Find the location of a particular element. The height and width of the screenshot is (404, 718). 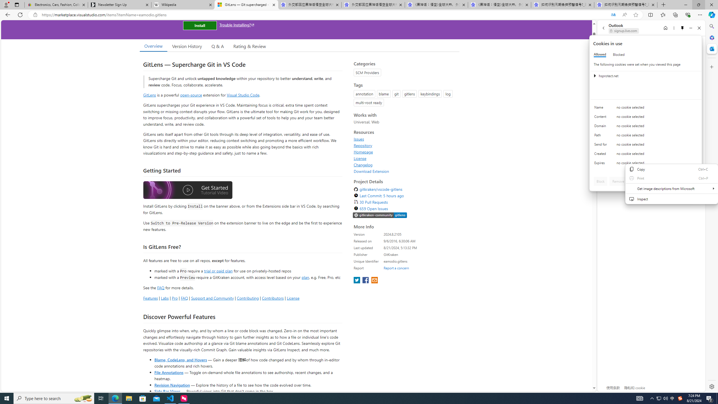

'Web context' is located at coordinates (671, 187).